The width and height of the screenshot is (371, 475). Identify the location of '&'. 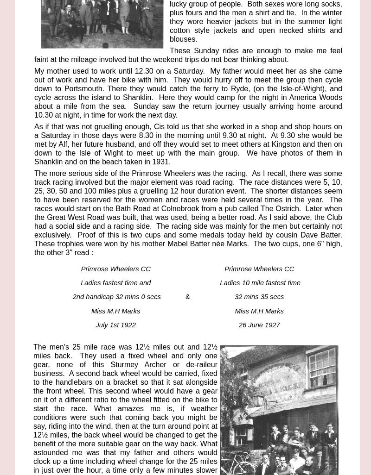
(187, 297).